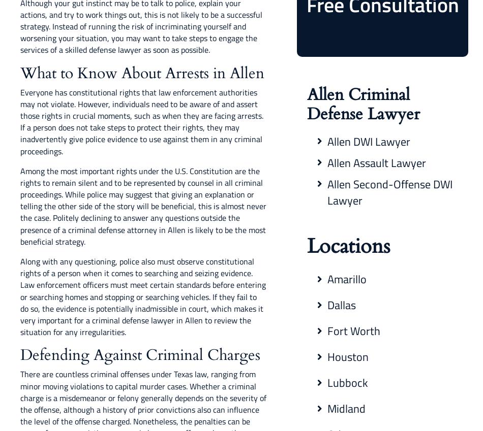 The height and width of the screenshot is (431, 483). Describe the element at coordinates (141, 121) in the screenshot. I see `'Everyone has constitutional rights that law enforcement authorities may not violate. However, individuals need to be aware of and assert those rights in crucial moments, such as when they are facing arrests. If a person does not take steps to protect their rights, they may inadvertently give police evidence to use against them in any criminal proceedings.'` at that location.